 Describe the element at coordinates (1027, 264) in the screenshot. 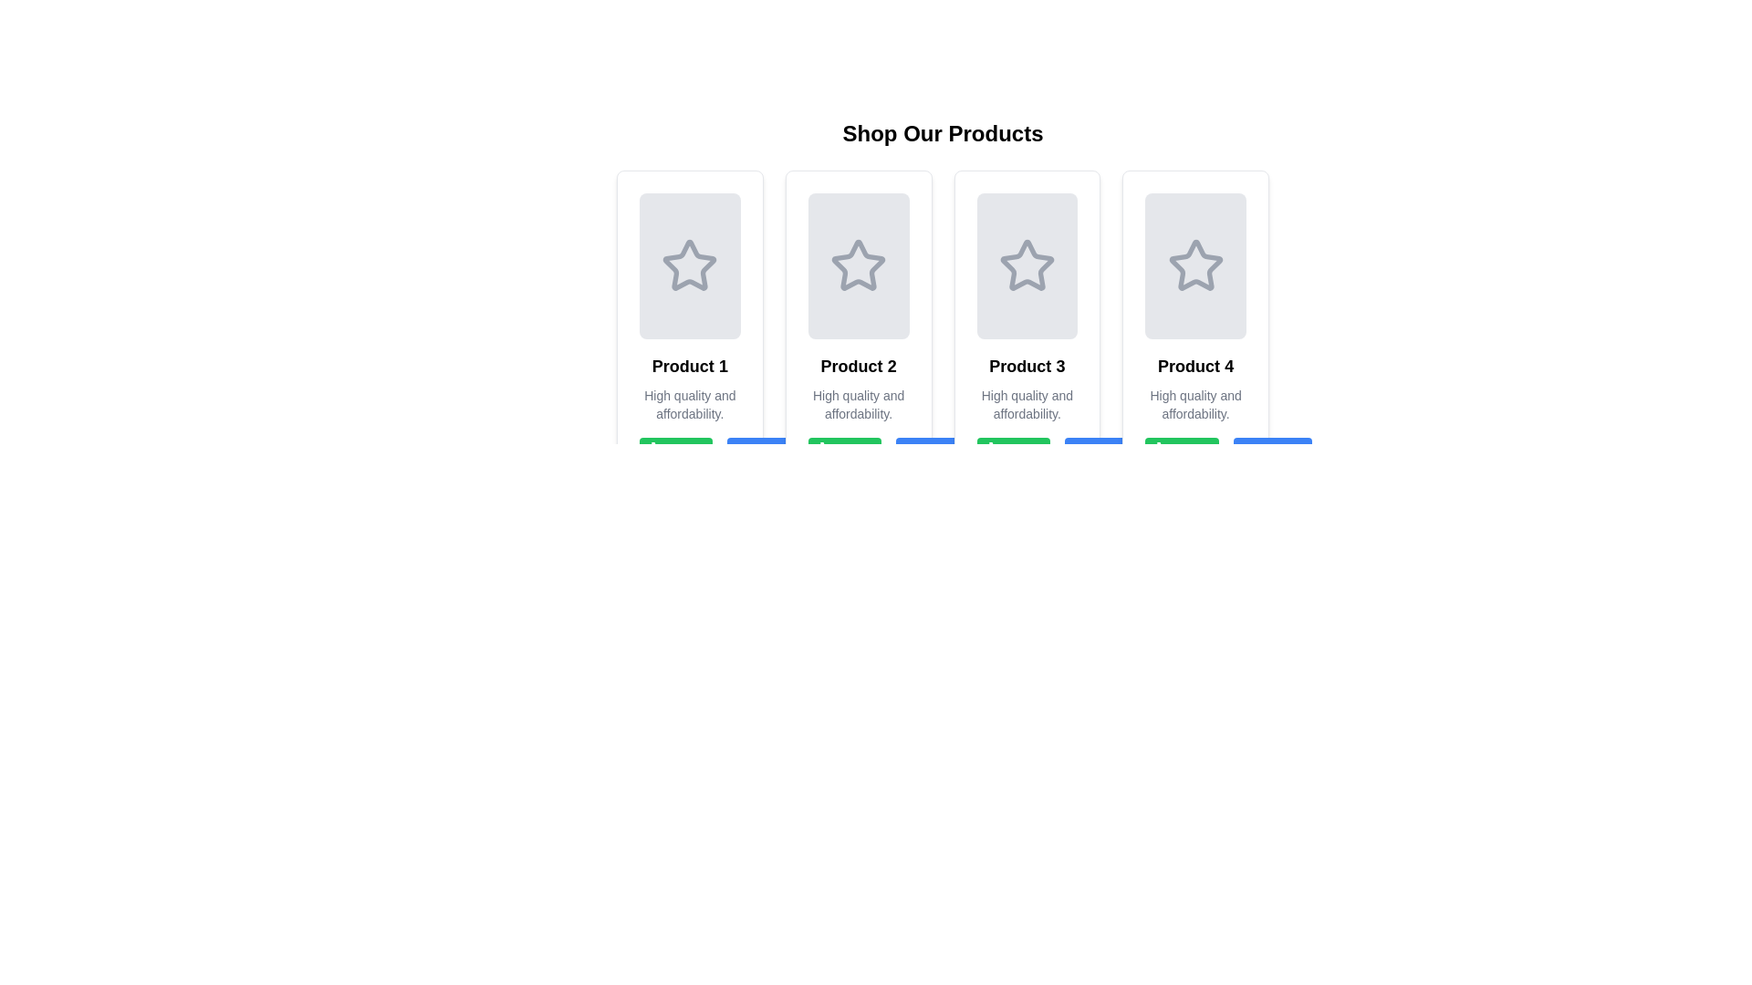

I see `the star-shaped icon located in the center of the third product card from the left` at that location.